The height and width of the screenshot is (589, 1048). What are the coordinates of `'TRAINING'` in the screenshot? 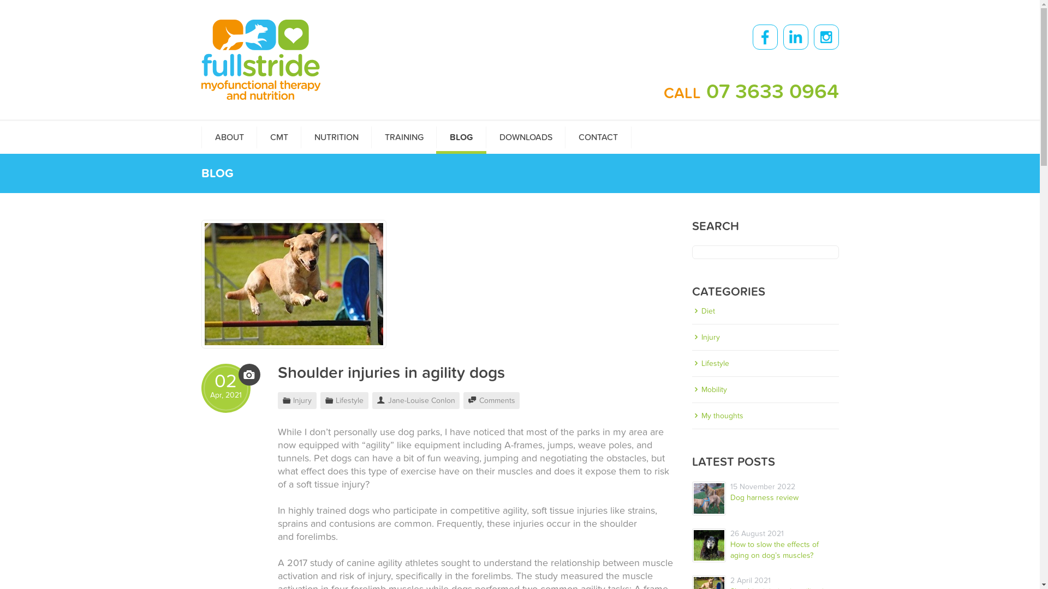 It's located at (371, 136).